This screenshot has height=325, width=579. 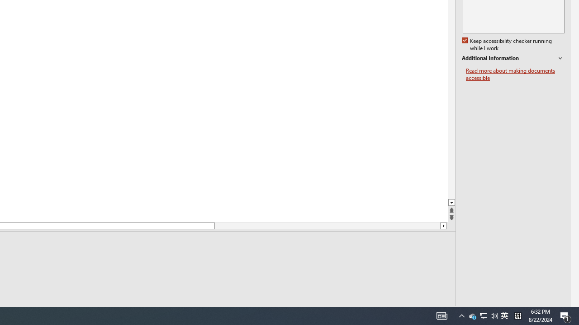 What do you see at coordinates (442, 315) in the screenshot?
I see `'Notification Chevron'` at bounding box center [442, 315].